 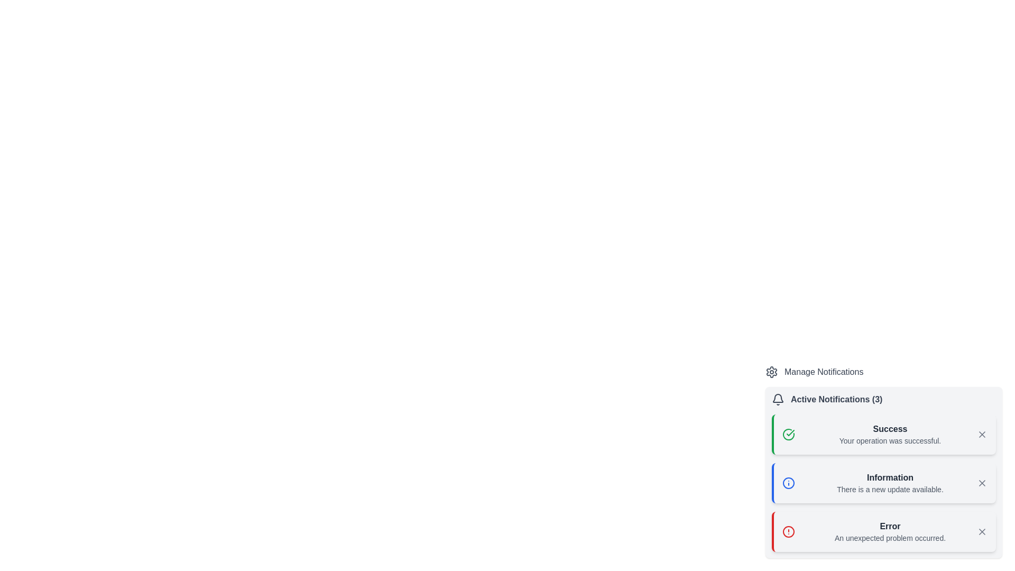 I want to click on the small circular gray button with an 'X' shape in its center, so click(x=981, y=532).